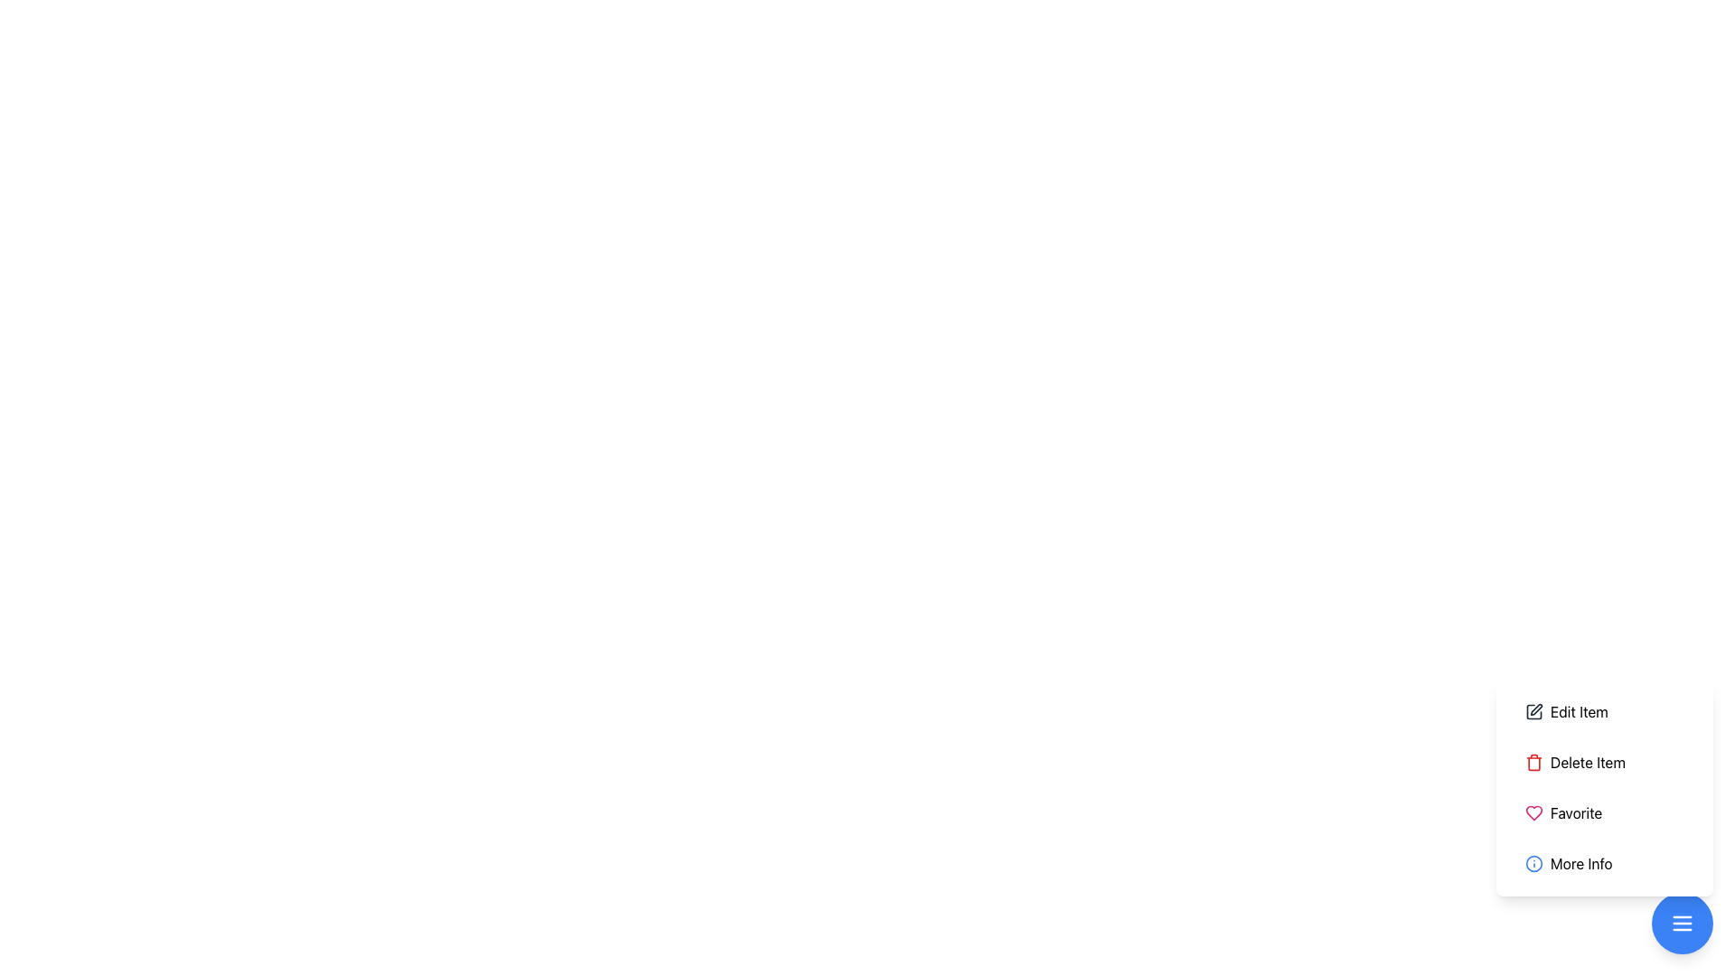  Describe the element at coordinates (1578, 710) in the screenshot. I see `the 'Edit Item' button located` at that location.